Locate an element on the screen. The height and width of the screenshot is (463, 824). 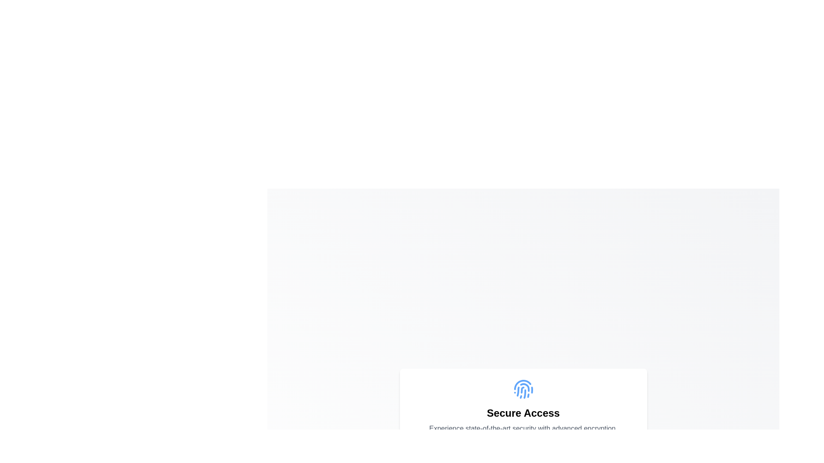
header text 'Secure Access' which is displayed in a bold, large font size on a white background card with rounded corners, positioned directly below a fingerprint icon is located at coordinates (523, 413).